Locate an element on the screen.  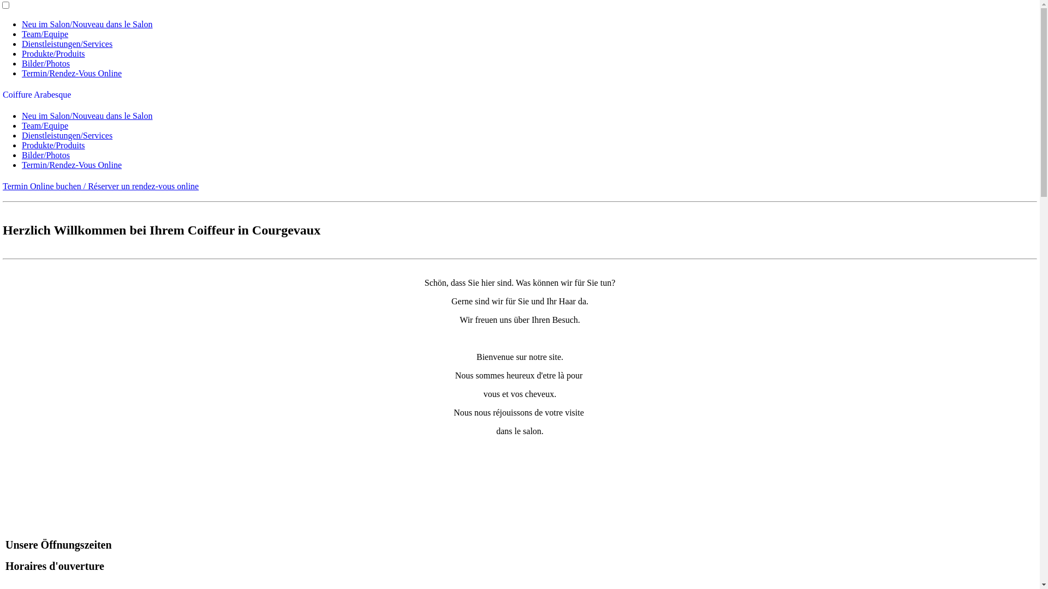
'Bilder/Photos' is located at coordinates (45, 155).